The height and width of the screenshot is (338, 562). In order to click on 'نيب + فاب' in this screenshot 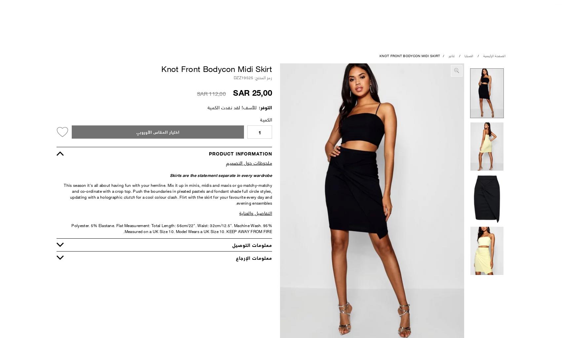, I will do `click(196, 153)`.